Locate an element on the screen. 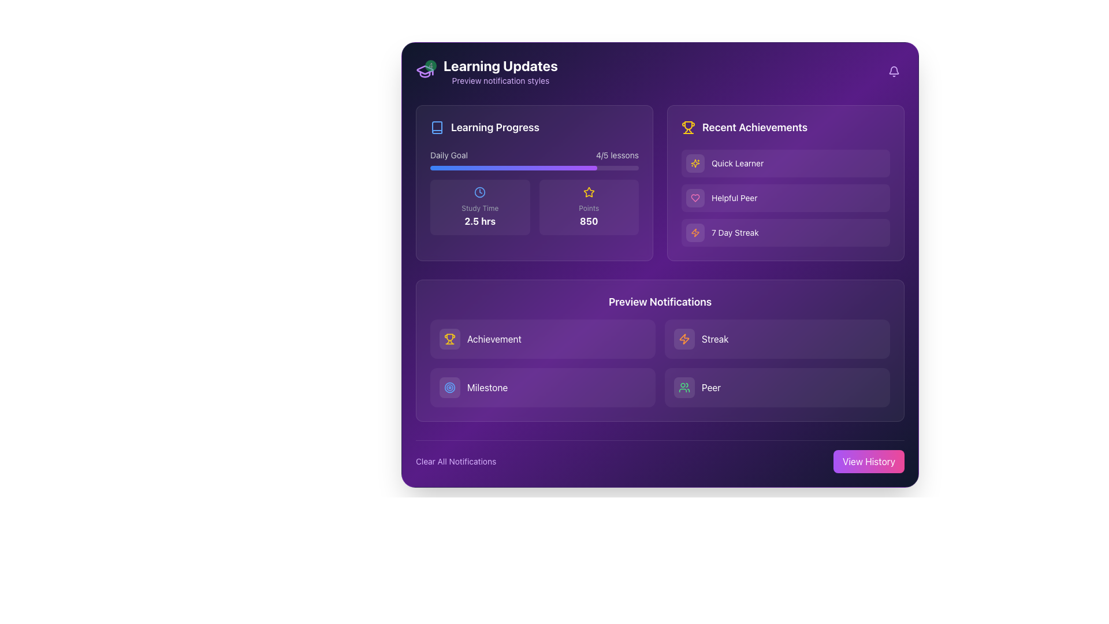 This screenshot has width=1109, height=624. the 'Recent Achievements' header text with the accompanying gold-colored trophy icon, prominently displayed at the top-center of the right panel is located at coordinates (786, 127).